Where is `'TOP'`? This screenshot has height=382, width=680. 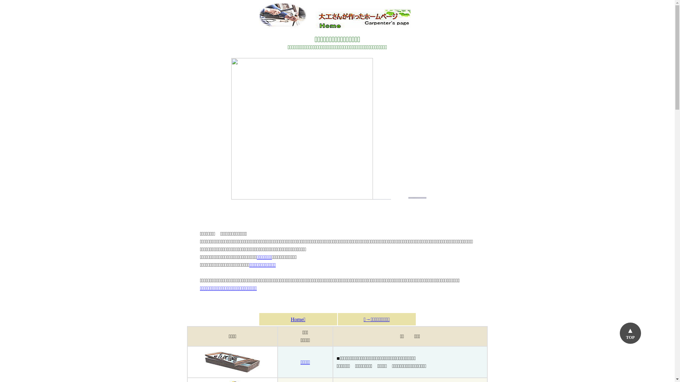
'TOP' is located at coordinates (630, 333).